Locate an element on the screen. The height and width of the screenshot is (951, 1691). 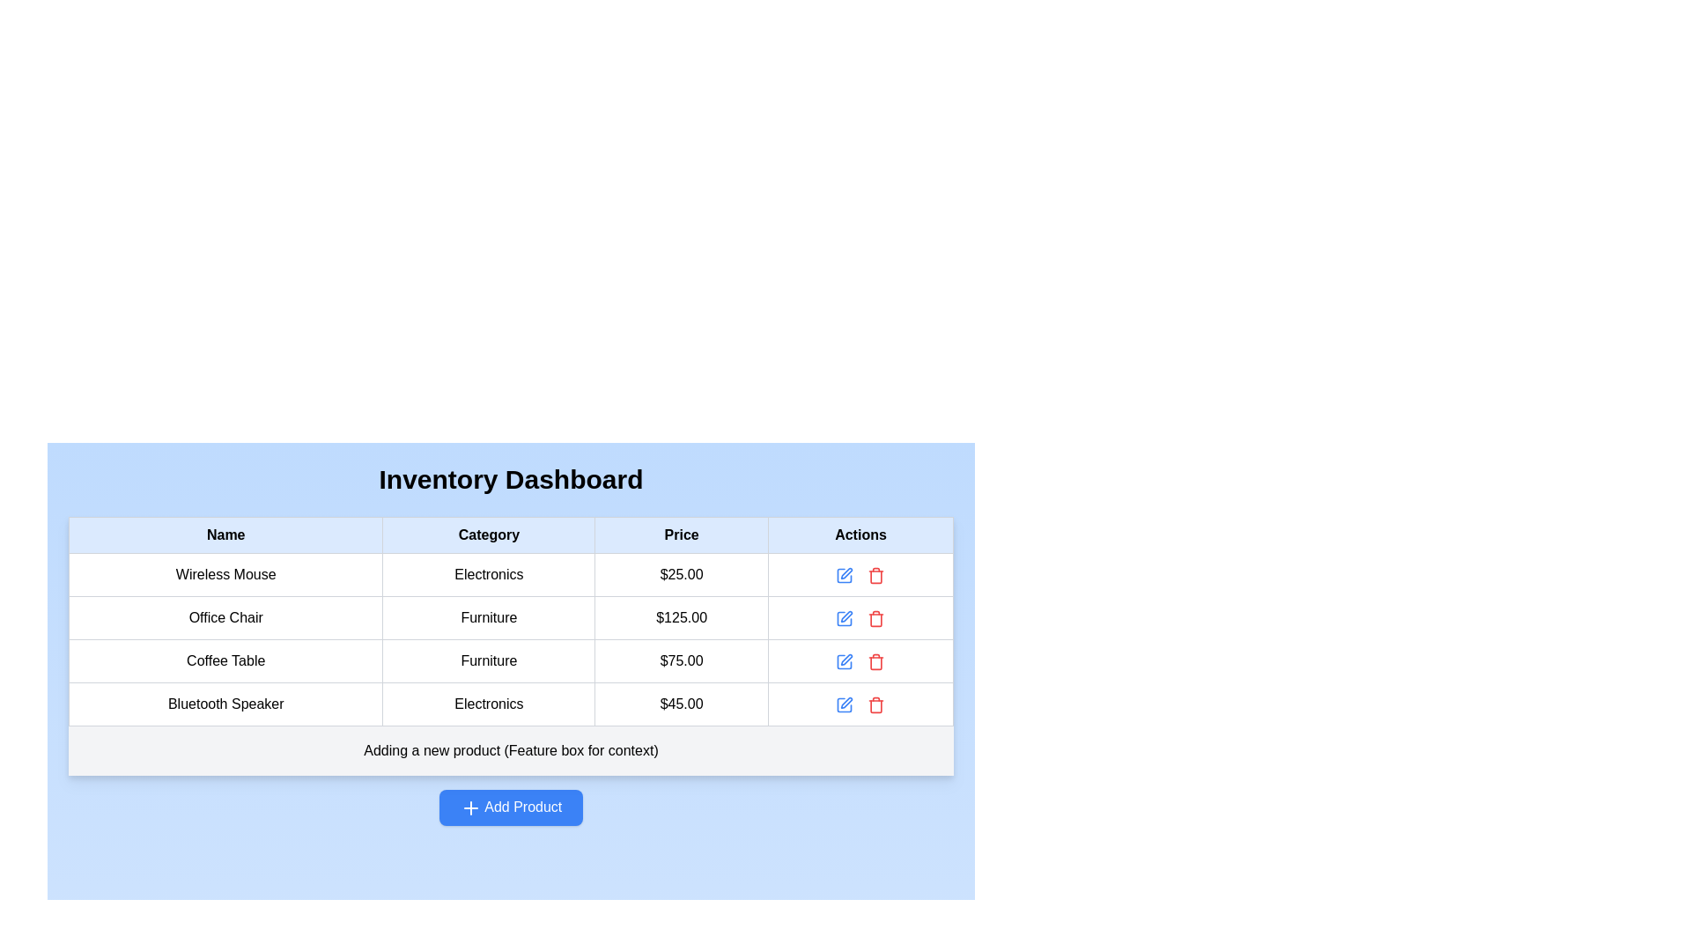
the text label displaying 'Furniture' in the third row of the table under the 'Category' column is located at coordinates (489, 661).